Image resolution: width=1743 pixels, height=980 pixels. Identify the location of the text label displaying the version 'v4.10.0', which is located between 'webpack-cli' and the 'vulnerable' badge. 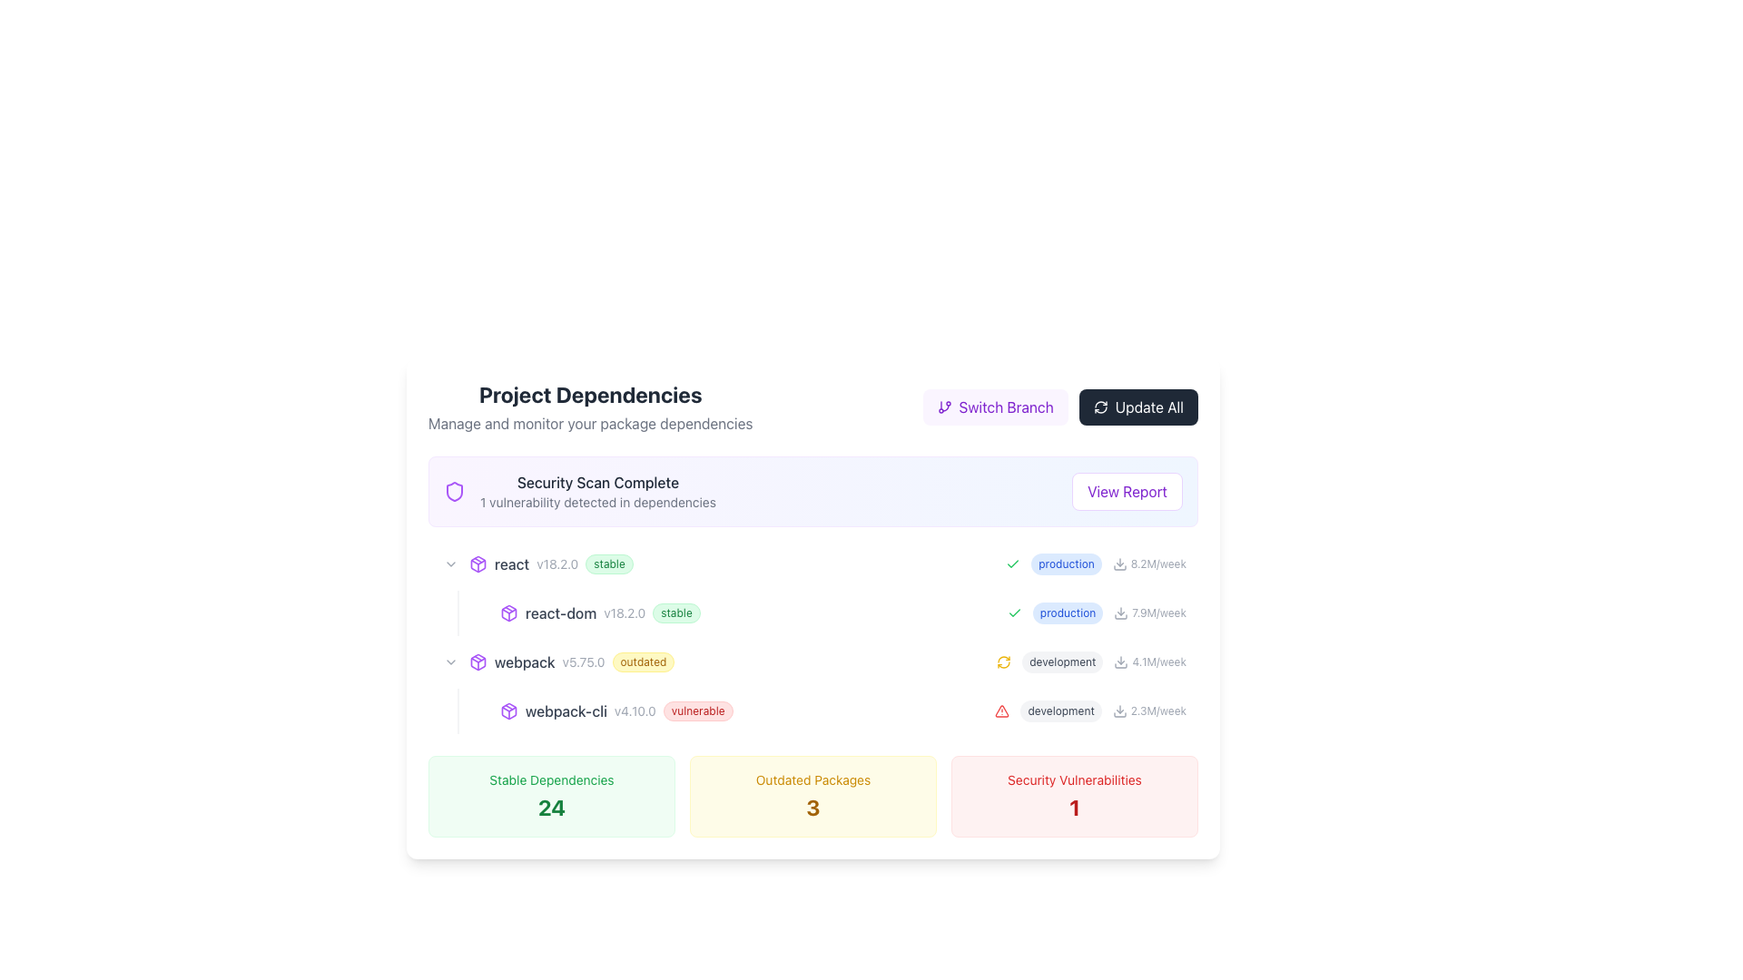
(635, 710).